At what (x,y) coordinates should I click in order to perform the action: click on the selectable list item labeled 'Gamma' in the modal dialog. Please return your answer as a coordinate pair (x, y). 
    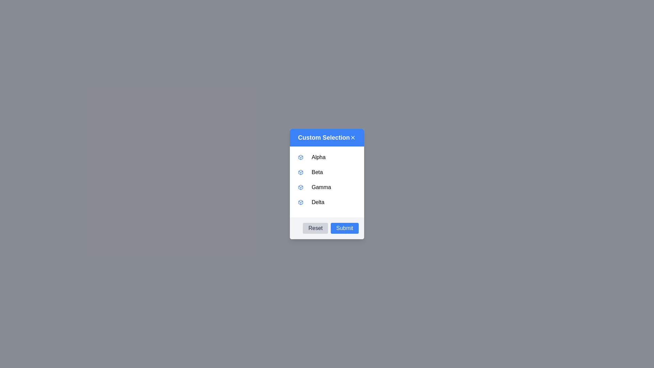
    Looking at the image, I should click on (327, 184).